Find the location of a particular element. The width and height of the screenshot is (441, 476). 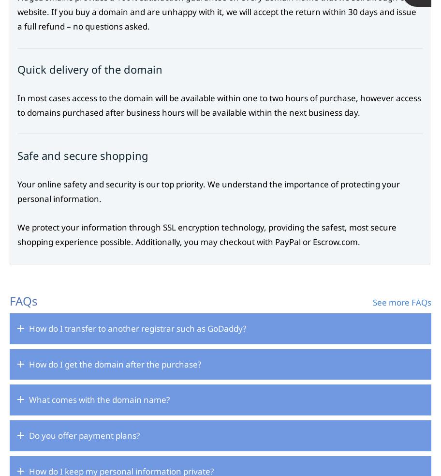

'Quick delivery of the domain' is located at coordinates (89, 69).